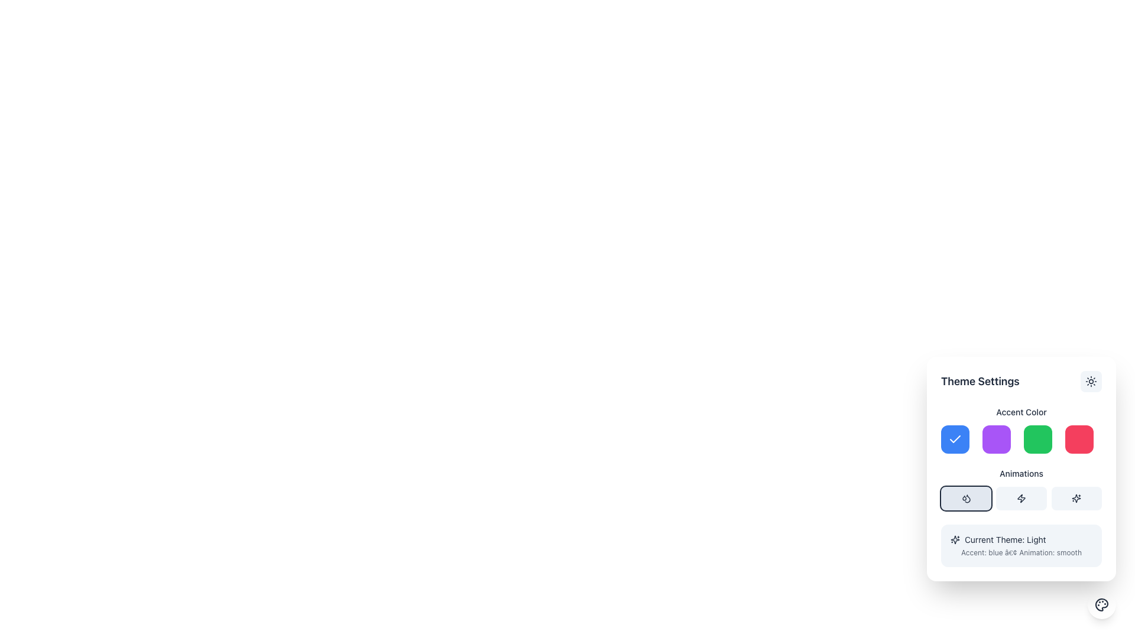  Describe the element at coordinates (955, 540) in the screenshot. I see `the sparkles icon located in the 'Current Theme: Light' section, which features a minimalistic monochromatic outline design` at that location.